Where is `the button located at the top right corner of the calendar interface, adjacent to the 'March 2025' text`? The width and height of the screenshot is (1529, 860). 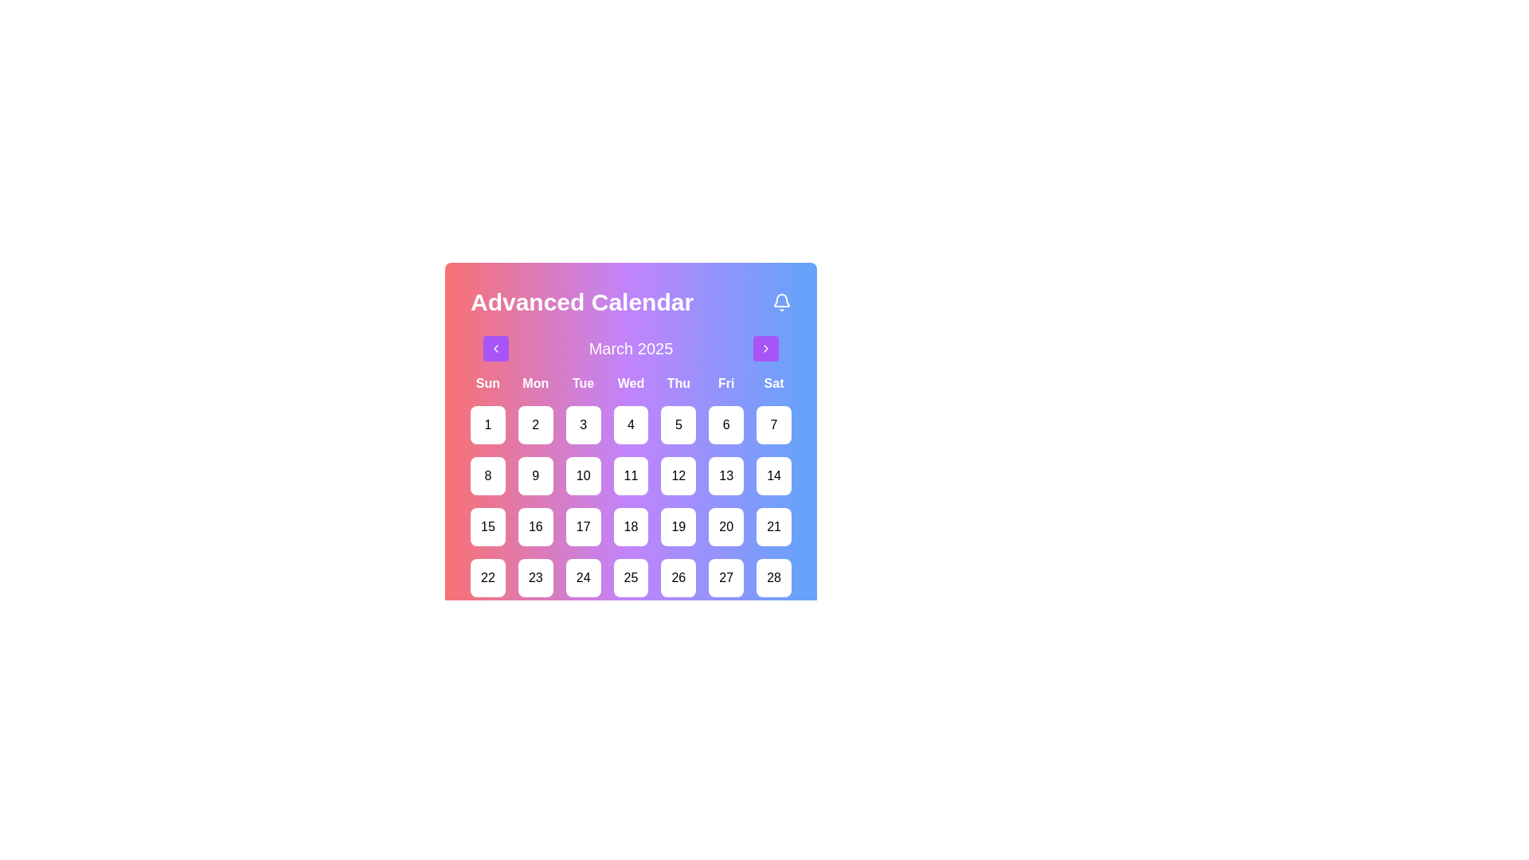 the button located at the top right corner of the calendar interface, adjacent to the 'March 2025' text is located at coordinates (765, 348).